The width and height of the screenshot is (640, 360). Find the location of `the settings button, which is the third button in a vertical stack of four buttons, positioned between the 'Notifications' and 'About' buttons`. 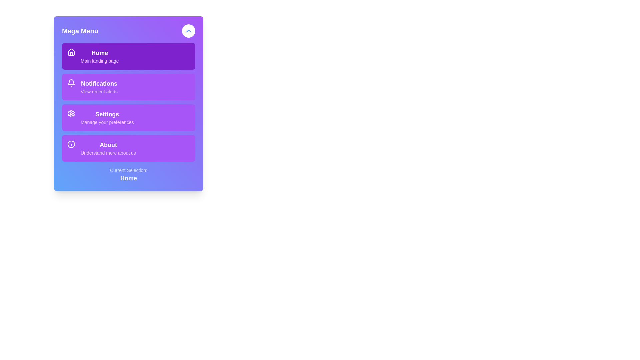

the settings button, which is the third button in a vertical stack of four buttons, positioned between the 'Notifications' and 'About' buttons is located at coordinates (128, 117).